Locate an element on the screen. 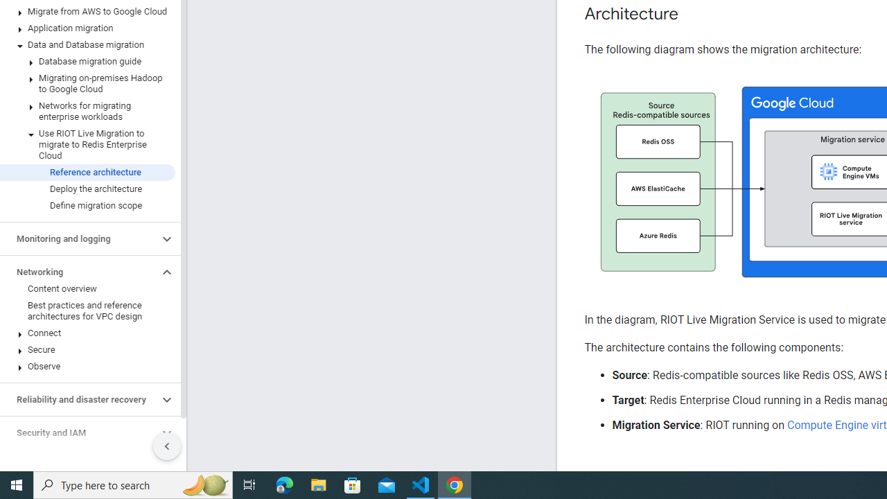  'Observe' is located at coordinates (87, 365).